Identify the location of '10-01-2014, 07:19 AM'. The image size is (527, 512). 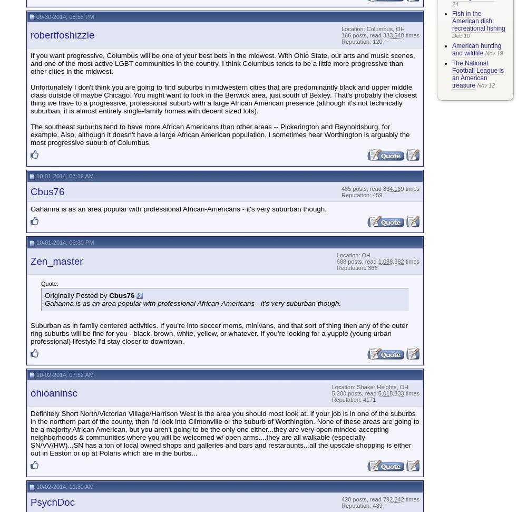
(63, 176).